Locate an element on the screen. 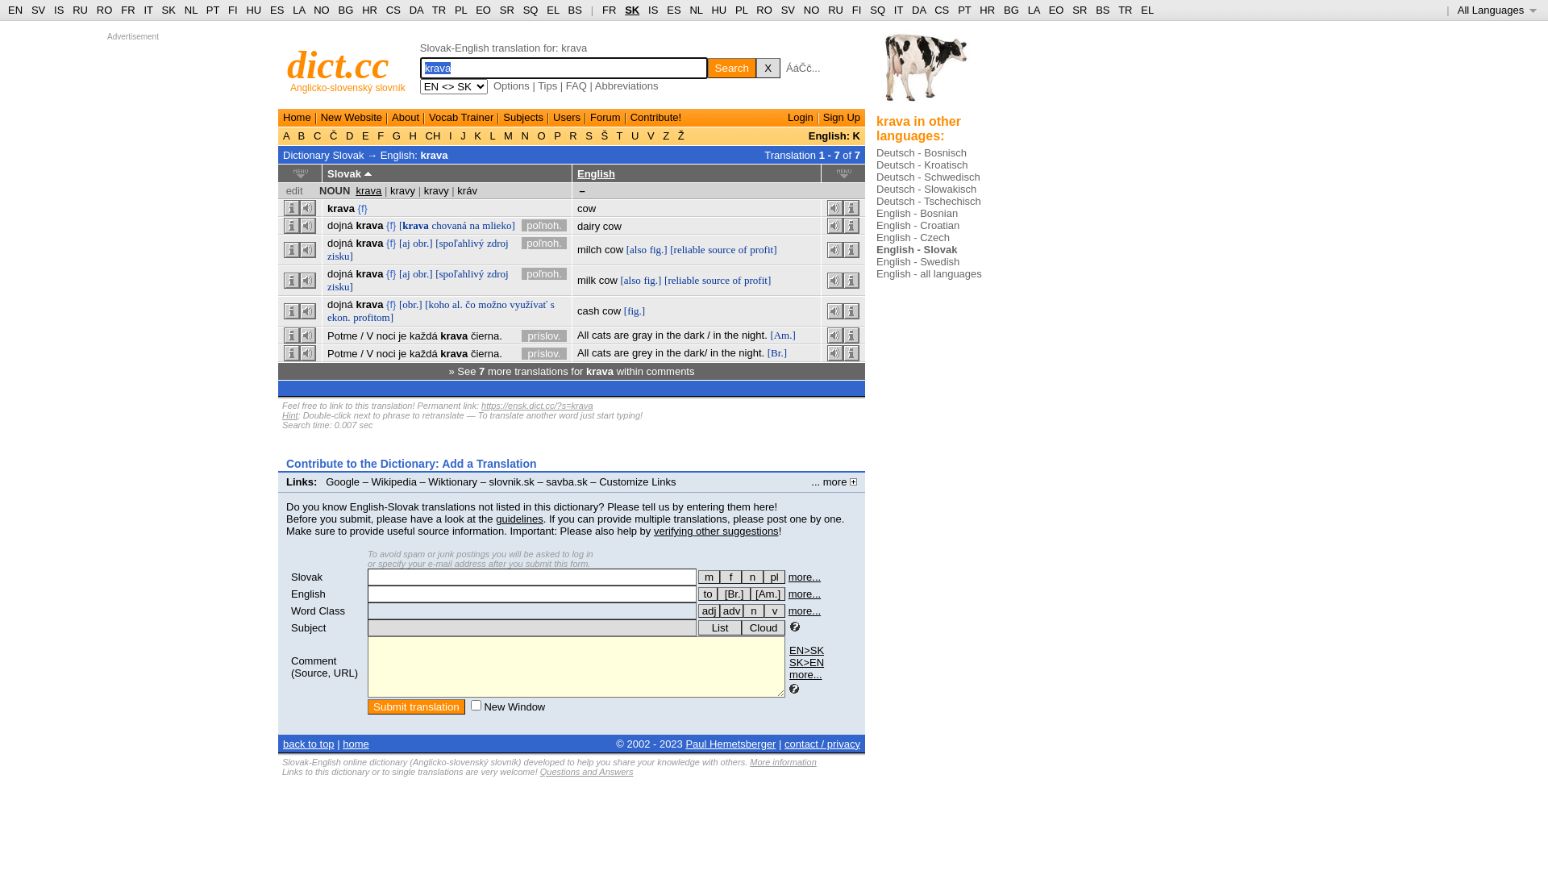 Image resolution: width=1548 pixels, height=871 pixels. 'Wiktionary' is located at coordinates (451, 481).